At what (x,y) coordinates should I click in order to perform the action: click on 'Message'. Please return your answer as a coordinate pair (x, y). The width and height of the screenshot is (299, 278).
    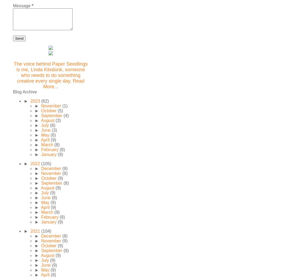
    Looking at the image, I should click on (22, 6).